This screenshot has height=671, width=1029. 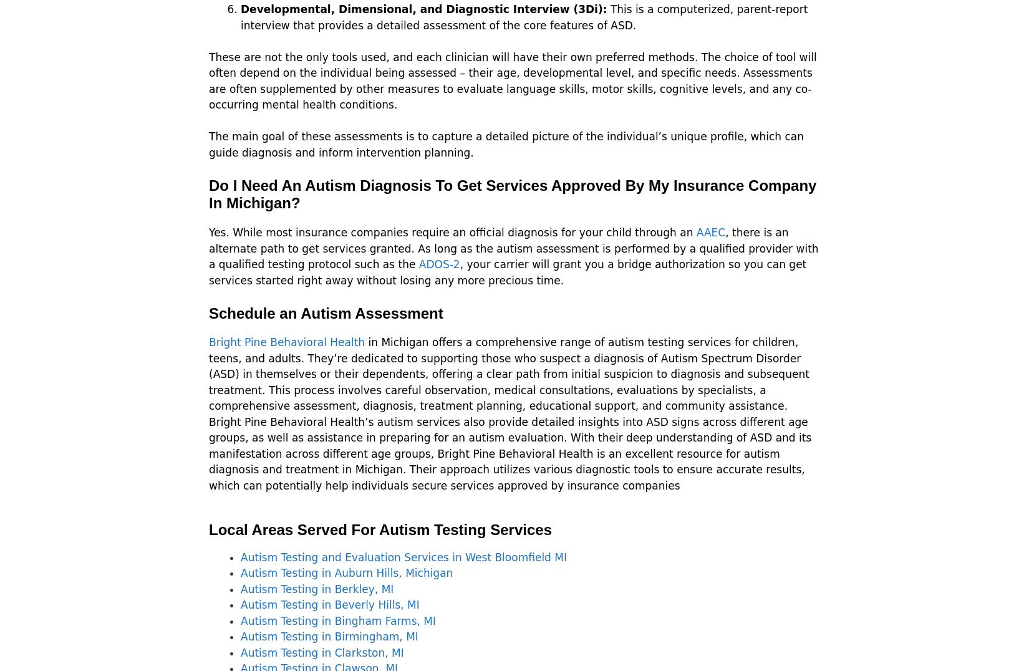 What do you see at coordinates (510, 413) in the screenshot?
I see `'in Michigan offers a comprehensive range of autism testing services for children, teens, and adults. They’re dedicated to supporting those who suspect a diagnosis of Autism Spectrum Disorder (ASD) in themselves or their dependents, offering a clear path from initial suspicion to diagnosis and subsequent treatment. This process involves careful observation, medical consultations, evaluations by specialists, a comprehensive assessment, diagnosis, treatment planning, educational support, and community assistance. Bright Pine Behavioral Health’s autism services also provide detailed insights into ASD signs across different age groups, as well as assistance in preparing for an autism evaluation. With their deep understanding of ASD and its manifestation across different age groups, Bright Pine Behavioral Health is an excellent resource for autism diagnosis and treatment in Michigan. Their approach utilizes various diagnostic tools to ensure accurate results, which can potentially help individuals secure services approved by insurance companies'` at bounding box center [510, 413].